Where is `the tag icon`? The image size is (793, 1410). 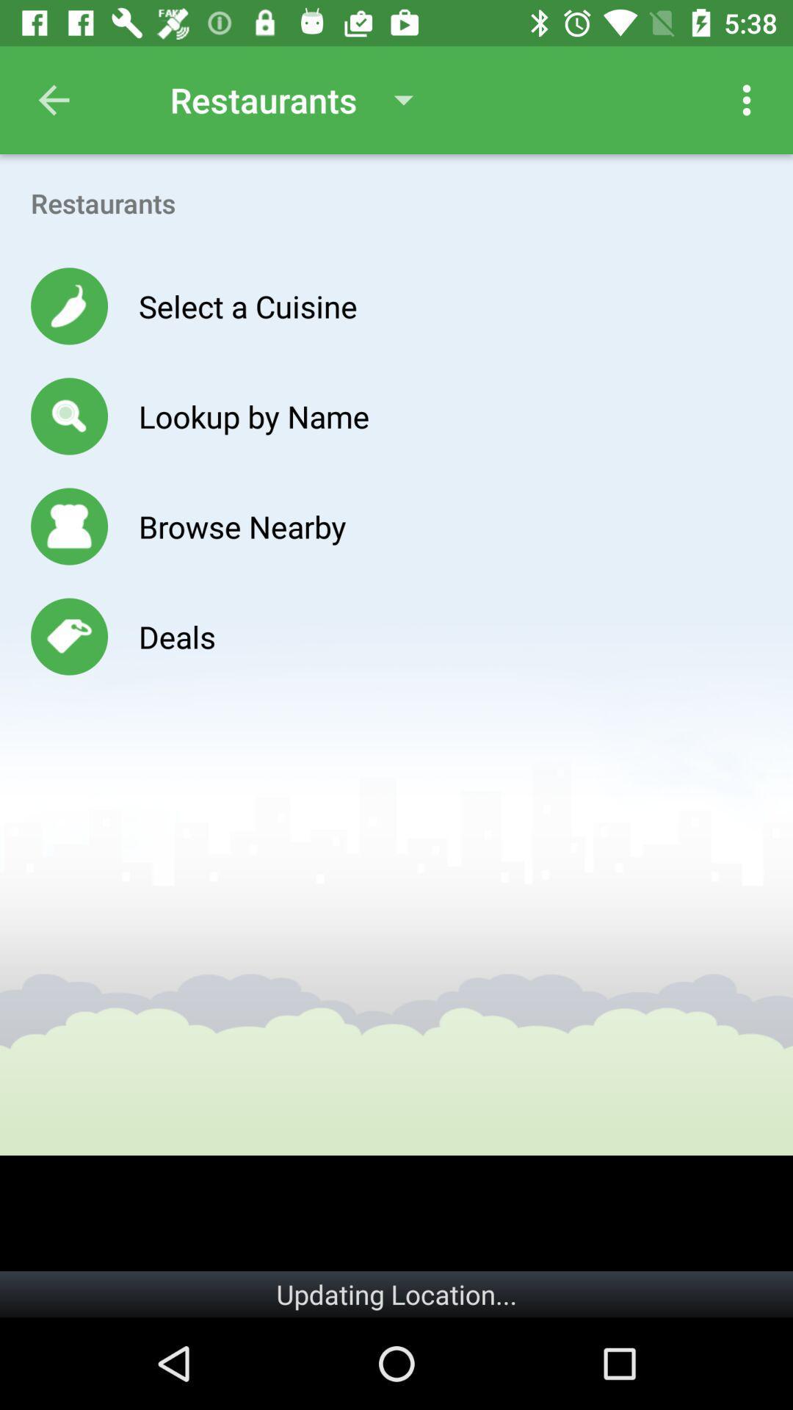
the tag icon is located at coordinates (69, 637).